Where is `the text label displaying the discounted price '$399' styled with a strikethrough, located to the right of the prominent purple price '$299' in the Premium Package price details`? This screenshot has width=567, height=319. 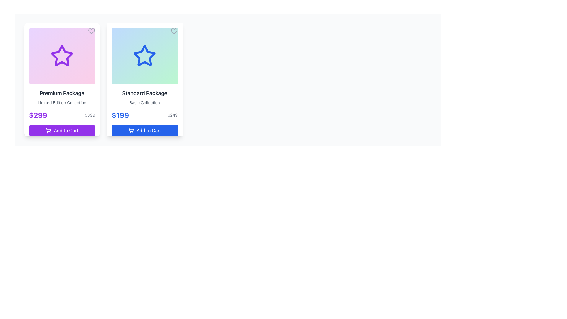 the text label displaying the discounted price '$399' styled with a strikethrough, located to the right of the prominent purple price '$299' in the Premium Package price details is located at coordinates (89, 115).